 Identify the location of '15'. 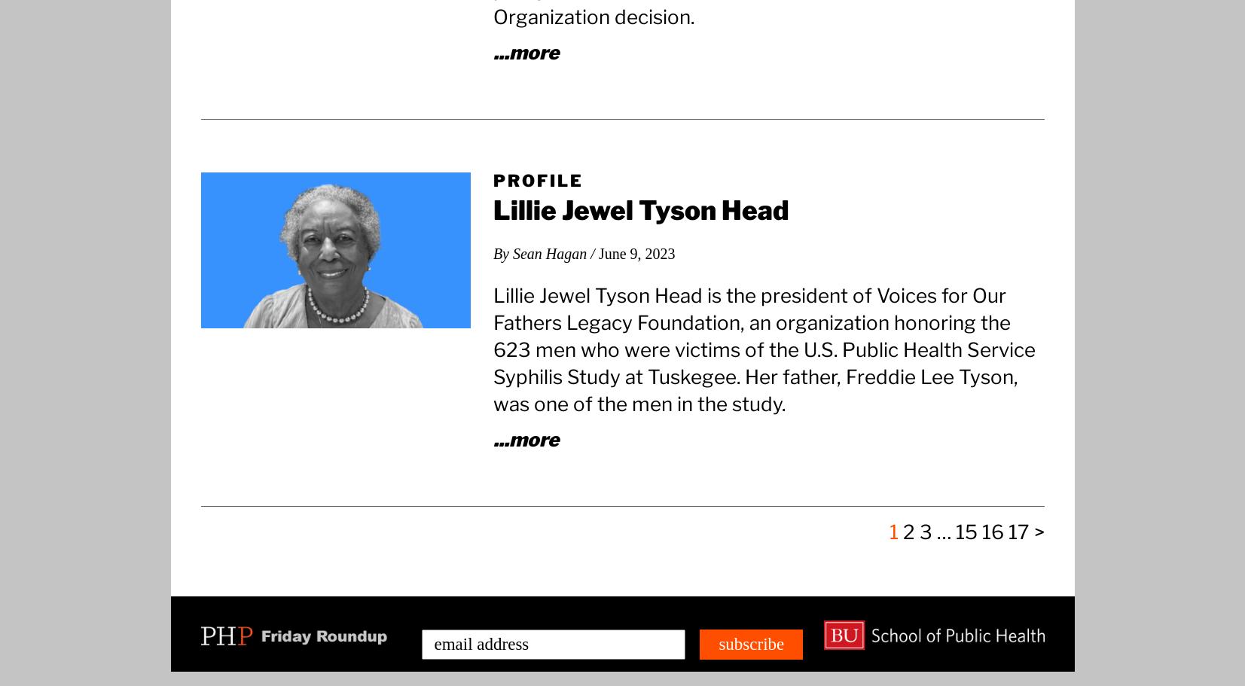
(955, 531).